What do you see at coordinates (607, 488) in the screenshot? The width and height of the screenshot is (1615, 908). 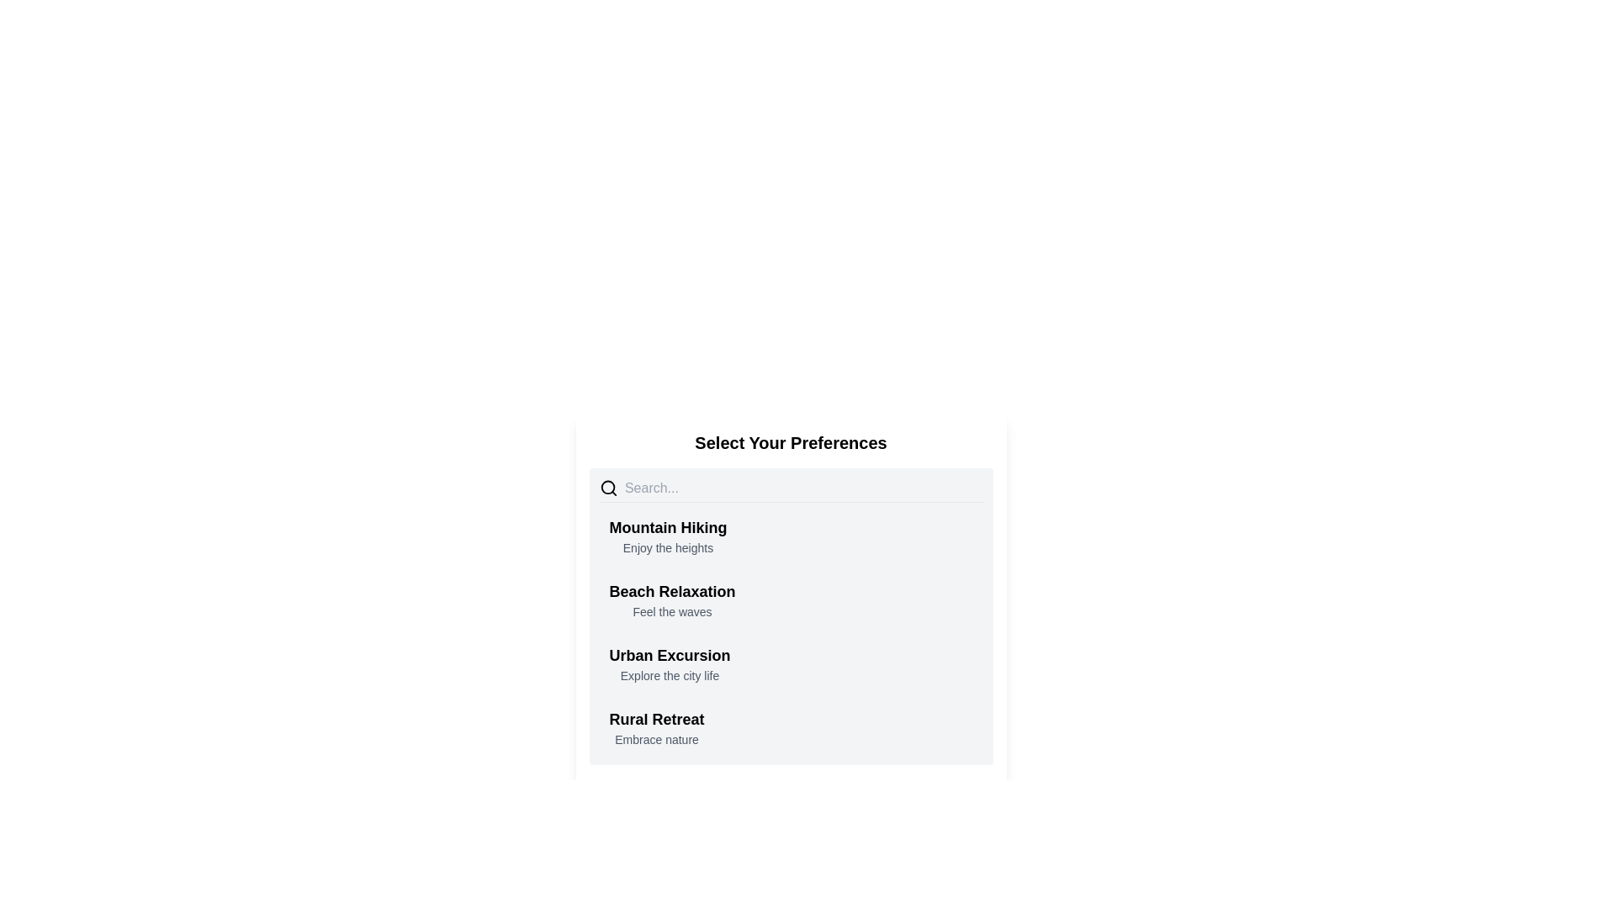 I see `the search icon located at the leftmost side of the search field layout, which serves as a visual indicator for the search feature` at bounding box center [607, 488].